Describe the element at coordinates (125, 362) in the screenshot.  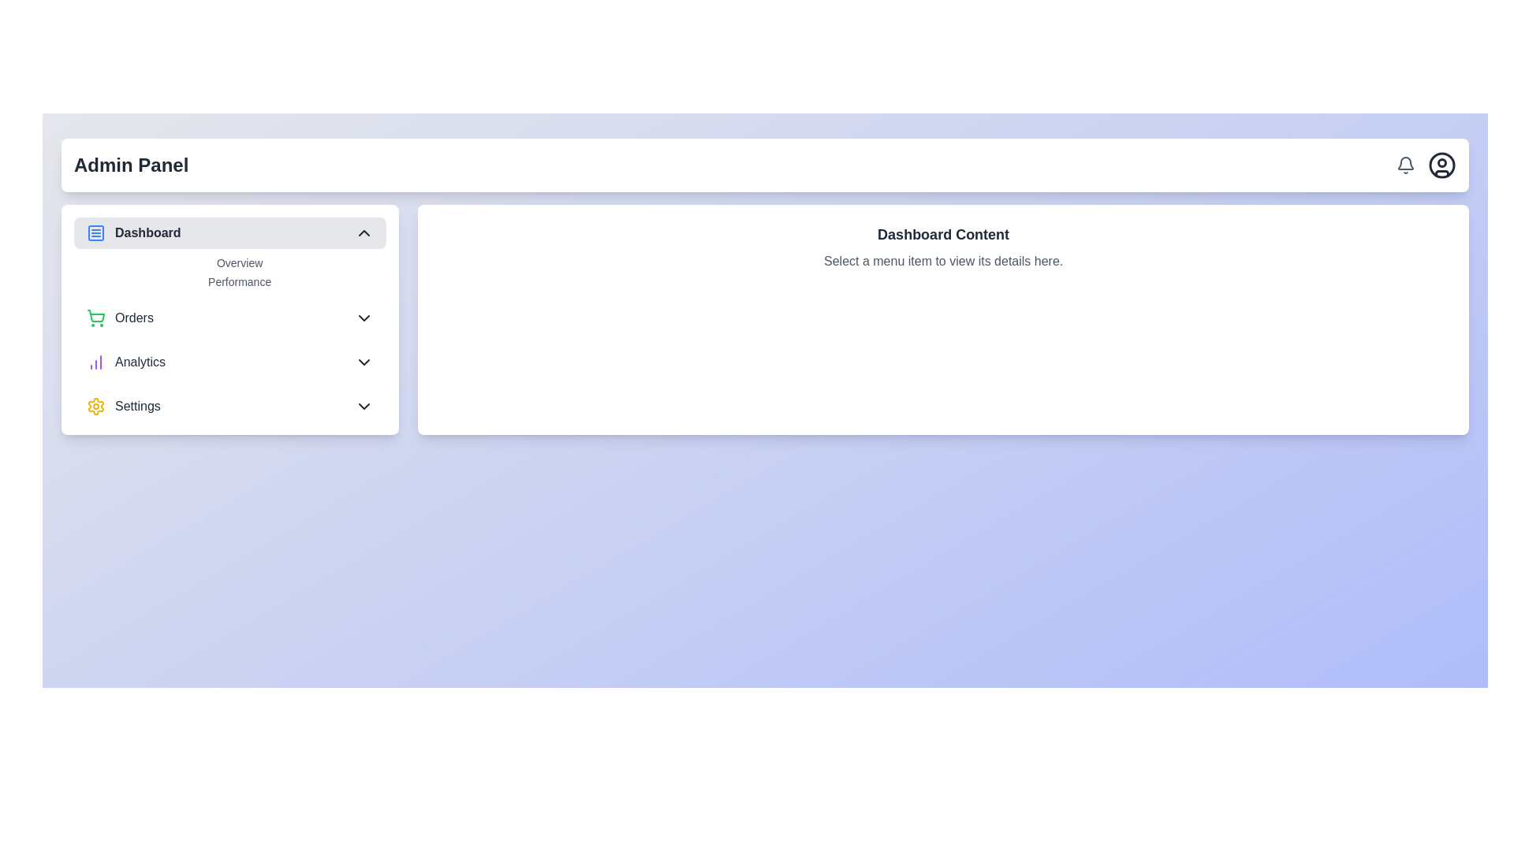
I see `the 'Analytics' menu item, which consists of a bar chart icon with purple accents and the text 'Analytics' in a sans-serif font` at that location.